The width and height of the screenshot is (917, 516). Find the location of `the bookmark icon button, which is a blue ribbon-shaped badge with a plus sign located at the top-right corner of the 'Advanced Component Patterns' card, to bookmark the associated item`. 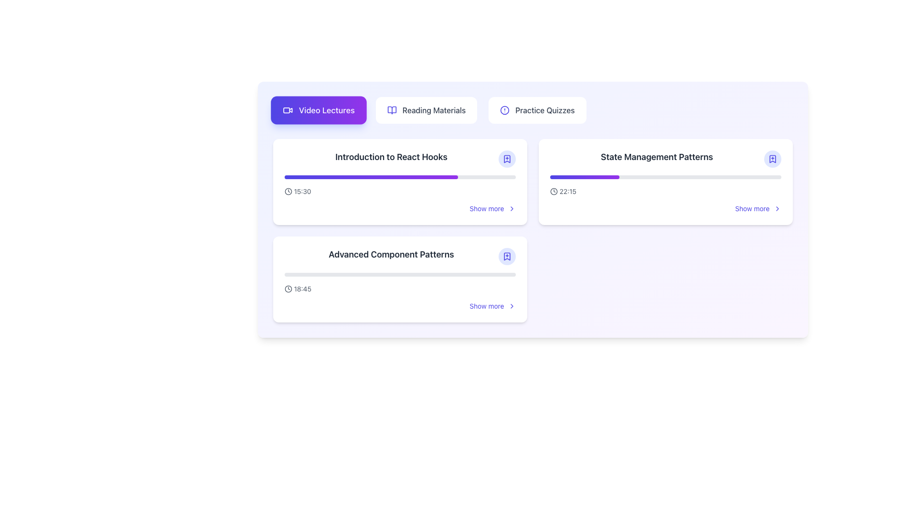

the bookmark icon button, which is a blue ribbon-shaped badge with a plus sign located at the top-right corner of the 'Advanced Component Patterns' card, to bookmark the associated item is located at coordinates (506, 256).